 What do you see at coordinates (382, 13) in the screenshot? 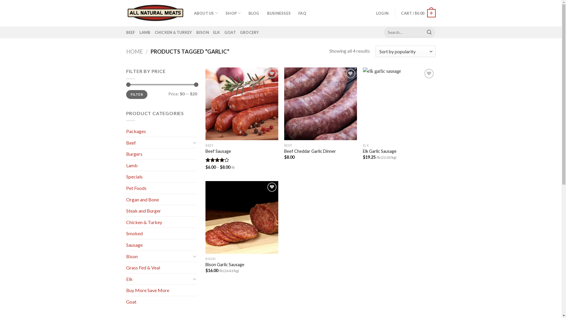
I see `'LOGIN'` at bounding box center [382, 13].